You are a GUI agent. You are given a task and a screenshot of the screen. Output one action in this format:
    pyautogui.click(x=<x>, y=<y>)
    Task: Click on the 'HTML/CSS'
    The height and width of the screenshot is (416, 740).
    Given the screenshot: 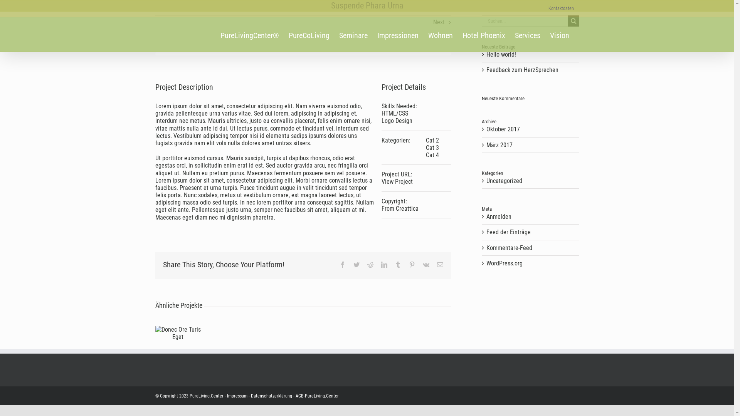 What is the action you would take?
    pyautogui.click(x=395, y=113)
    